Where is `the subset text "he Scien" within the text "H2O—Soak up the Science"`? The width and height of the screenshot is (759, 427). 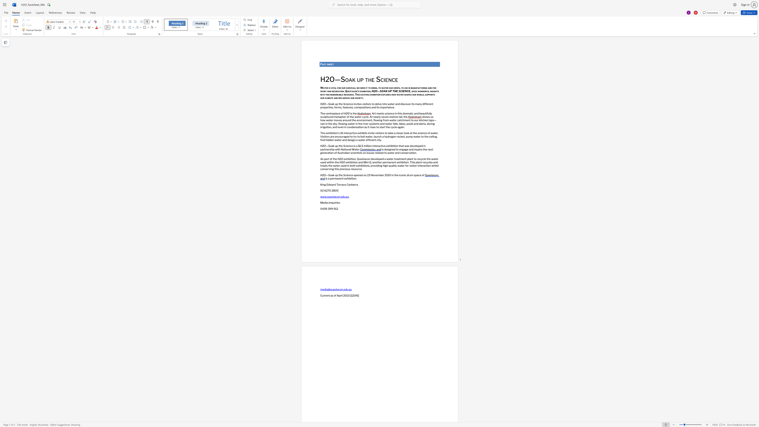
the subset text "he Scien" within the text "H2O—Soak up the Science" is located at coordinates (339, 104).